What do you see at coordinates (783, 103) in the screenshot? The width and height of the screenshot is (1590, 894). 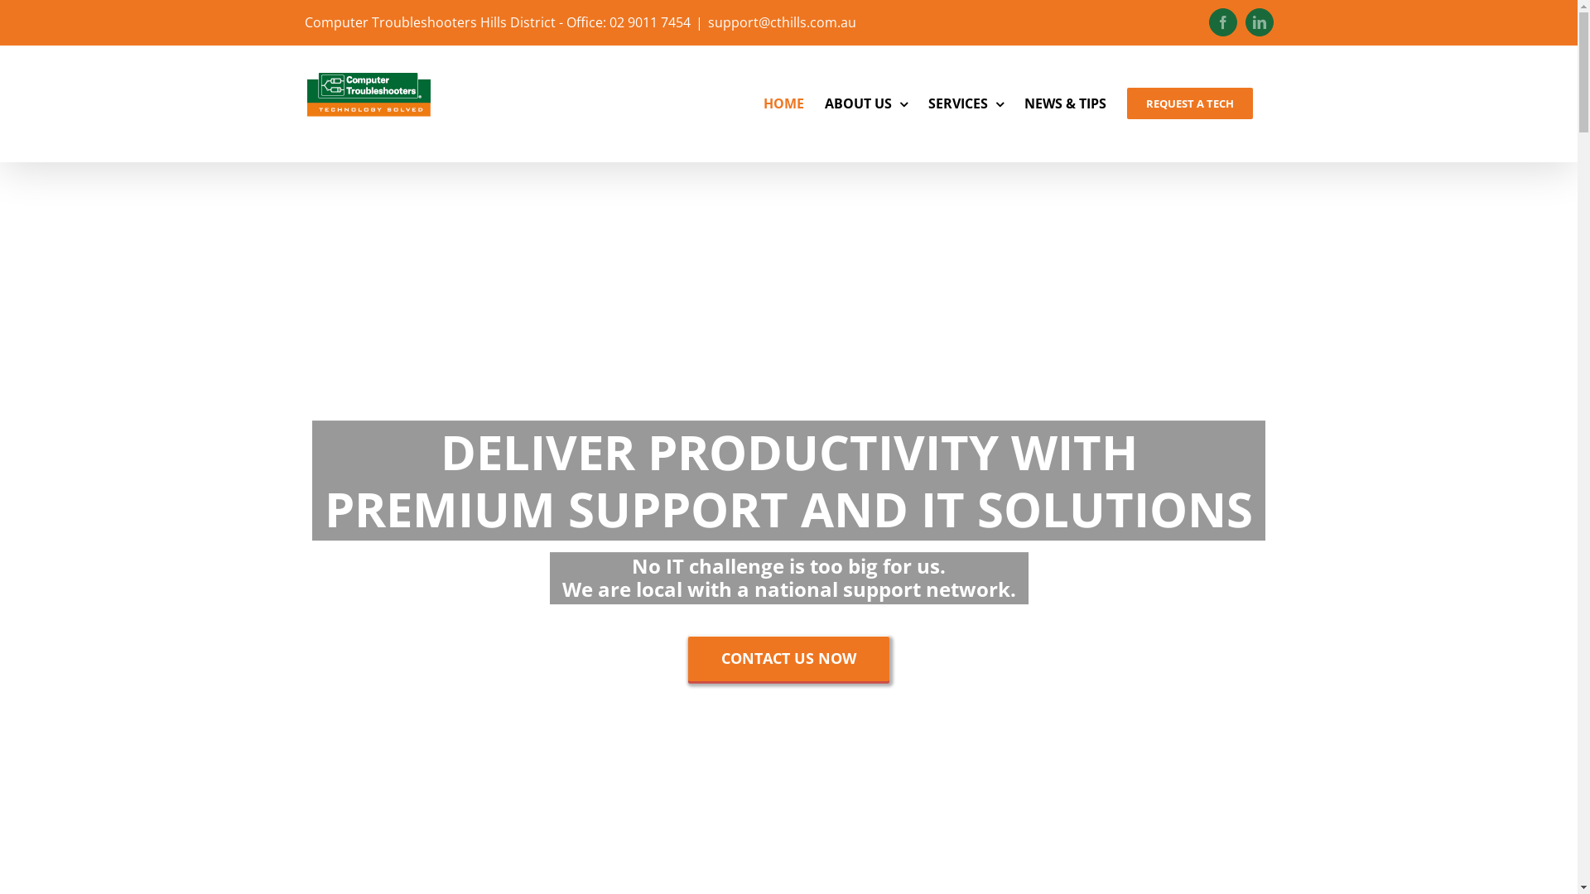 I see `'HOME'` at bounding box center [783, 103].